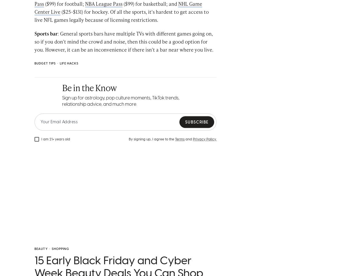 This screenshot has width=345, height=276. What do you see at coordinates (196, 129) in the screenshot?
I see `'Subscribe'` at bounding box center [196, 129].